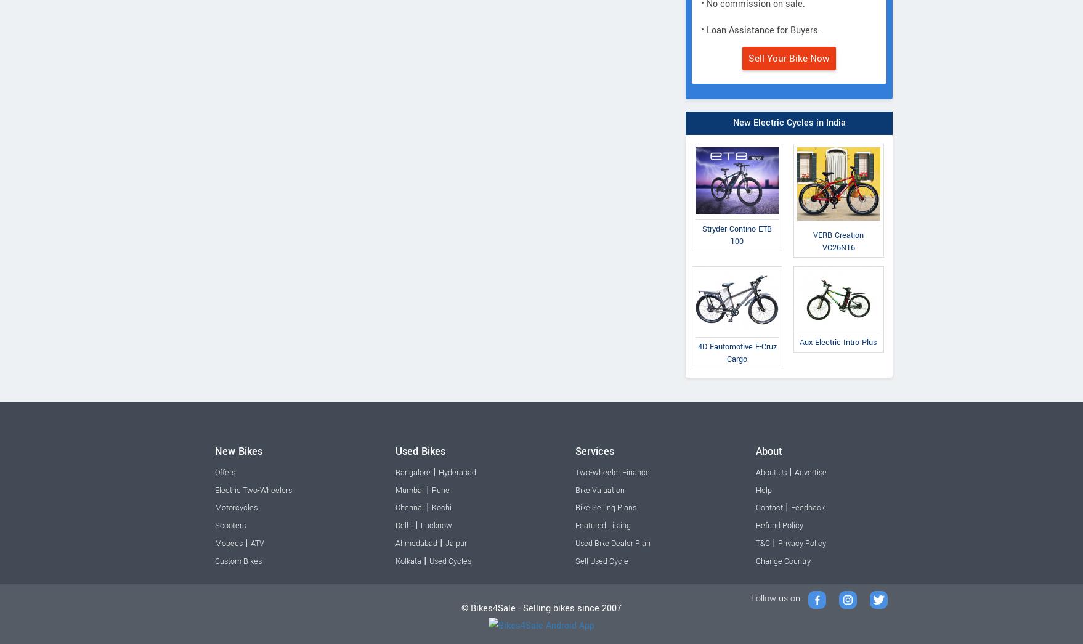  I want to click on 'Bike Selling Plans', so click(606, 507).